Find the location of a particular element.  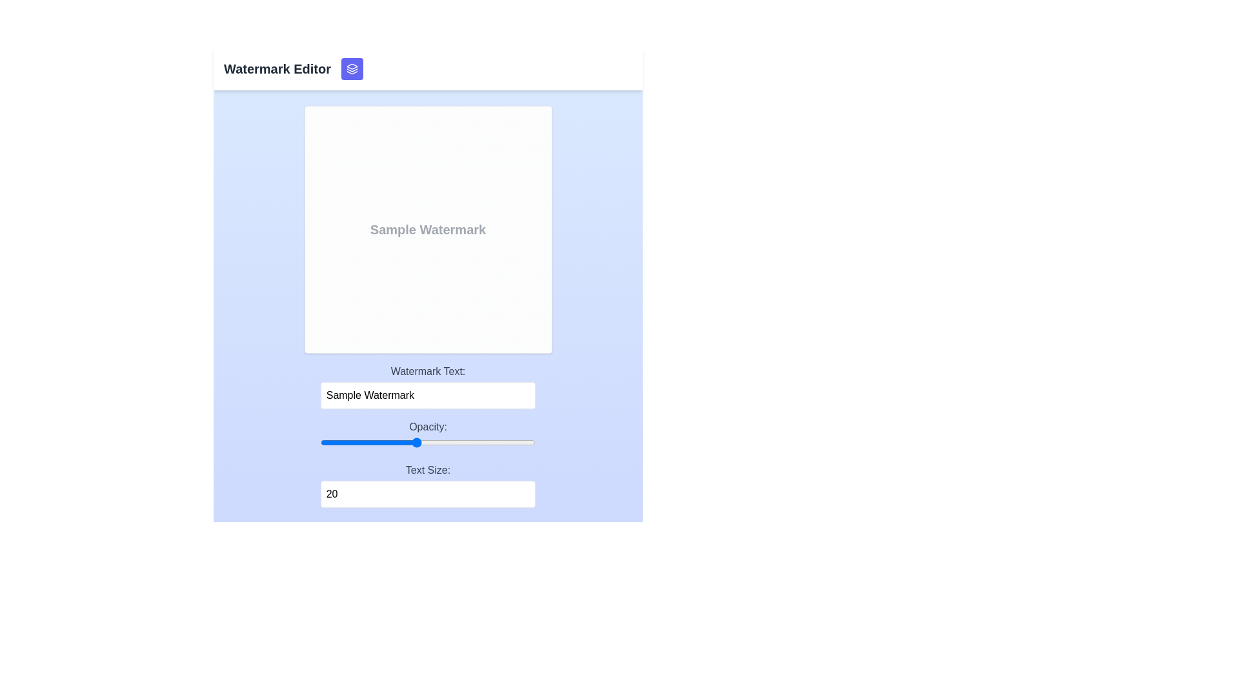

the static label displaying 'Watermark Editor' in bold, large dark gray font located at the top left of the interface is located at coordinates (276, 69).